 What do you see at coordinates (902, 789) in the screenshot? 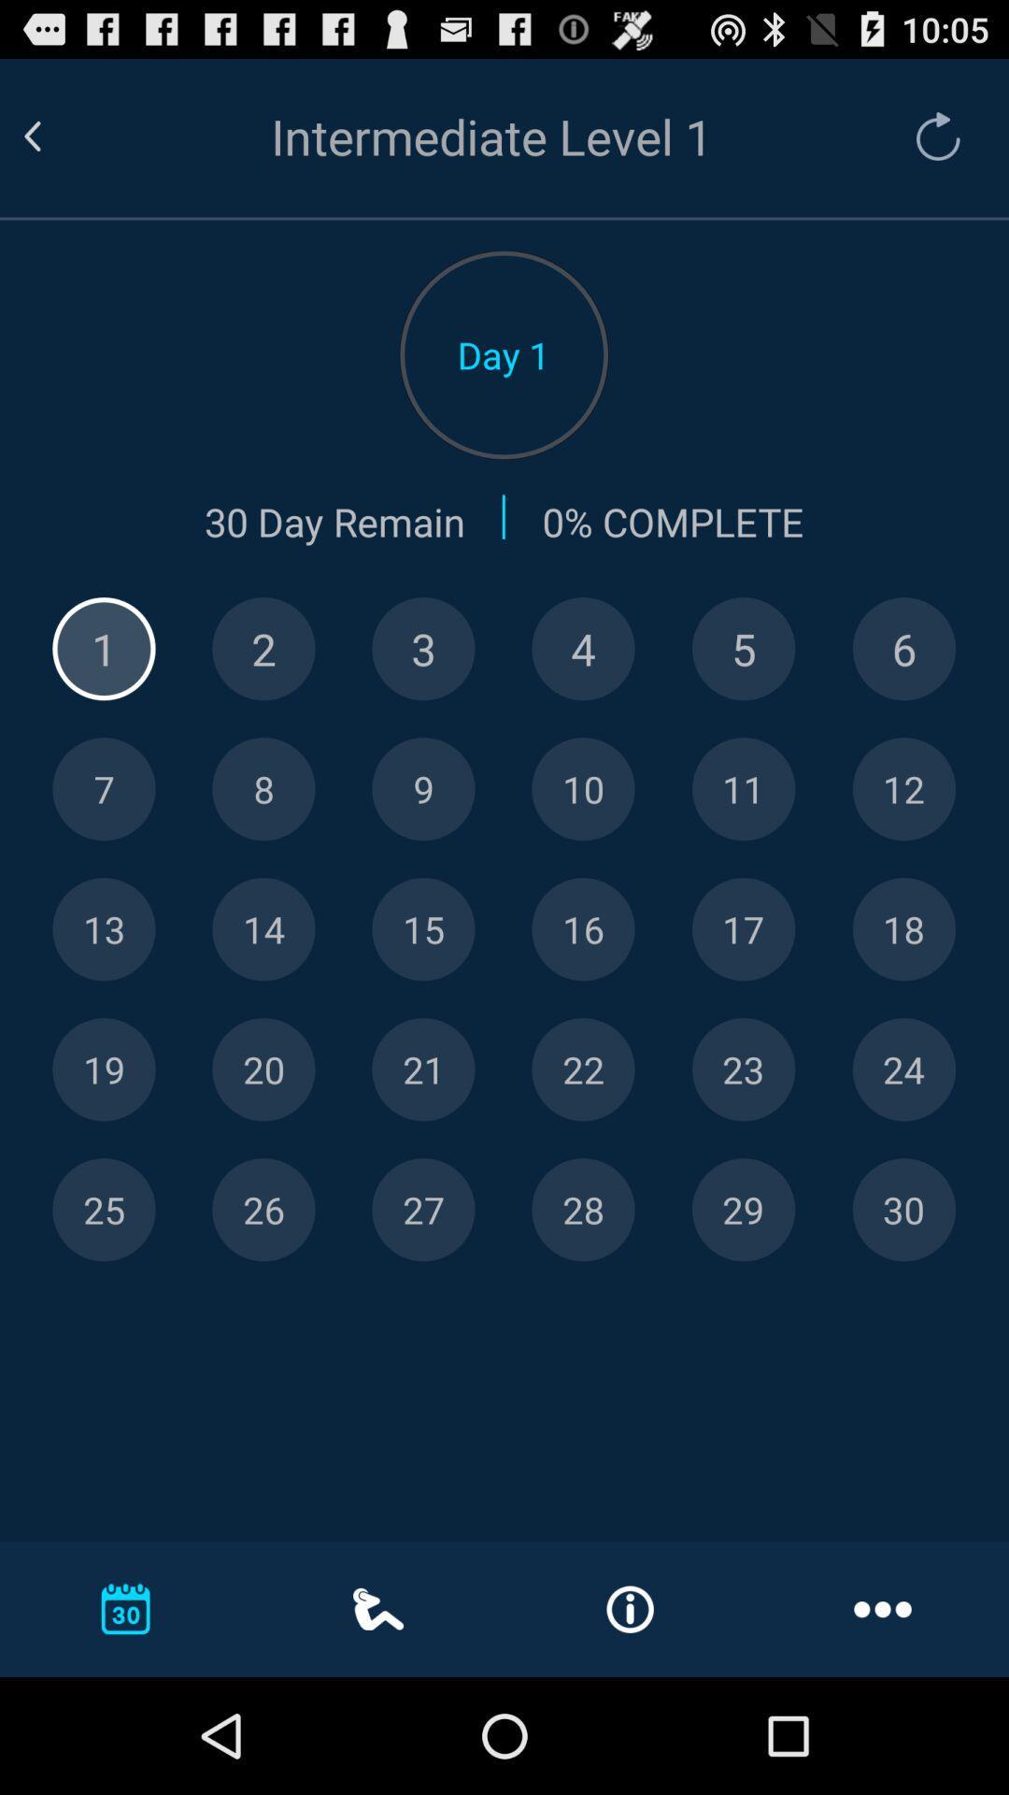
I see `choose level` at bounding box center [902, 789].